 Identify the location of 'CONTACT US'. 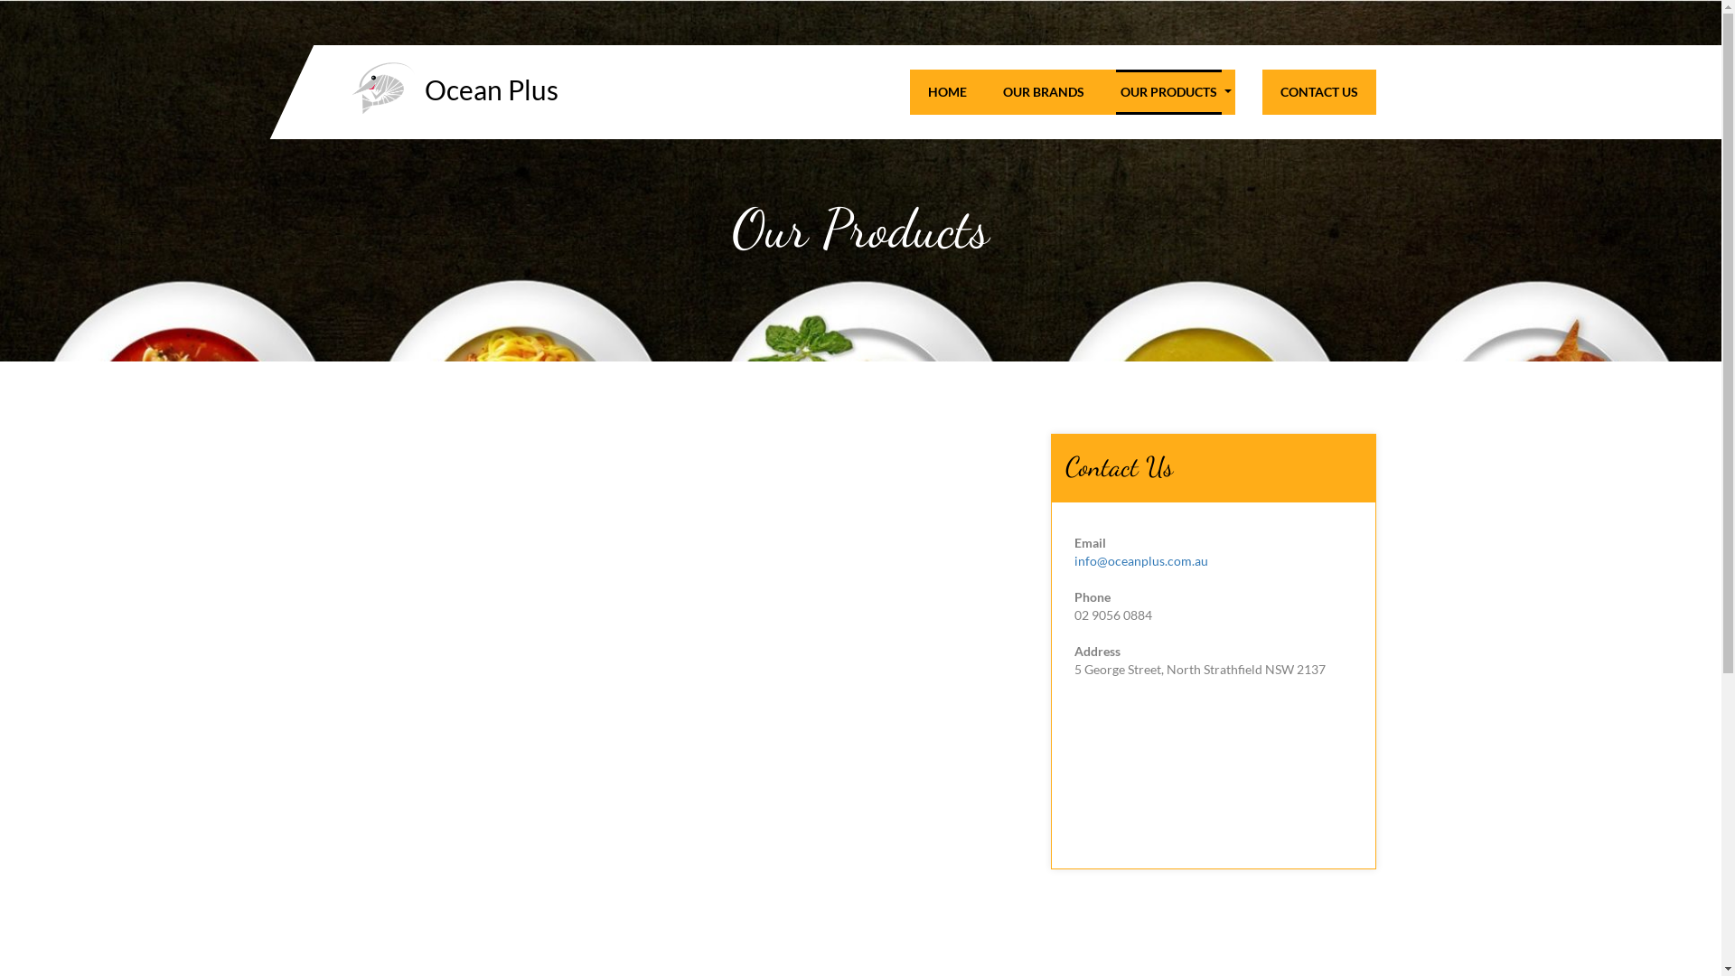
(1318, 91).